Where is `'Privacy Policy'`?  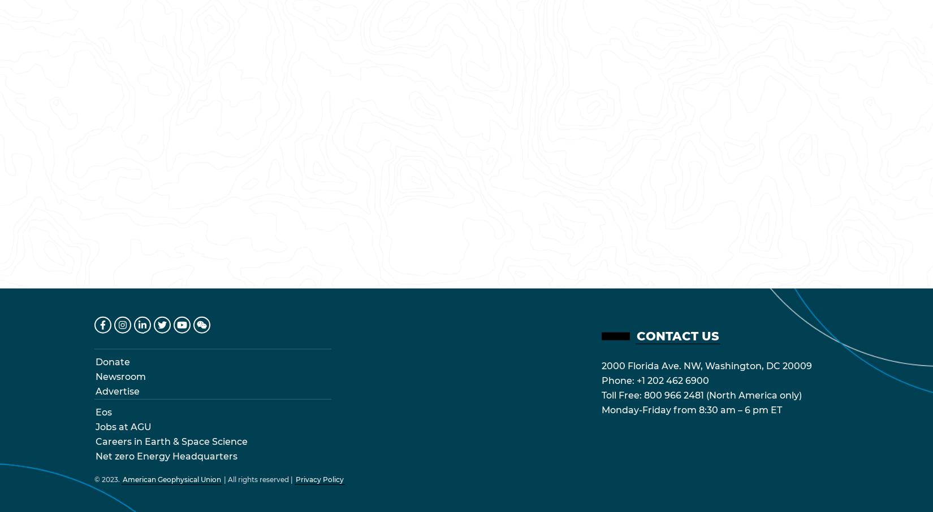
'Privacy Policy' is located at coordinates (319, 479).